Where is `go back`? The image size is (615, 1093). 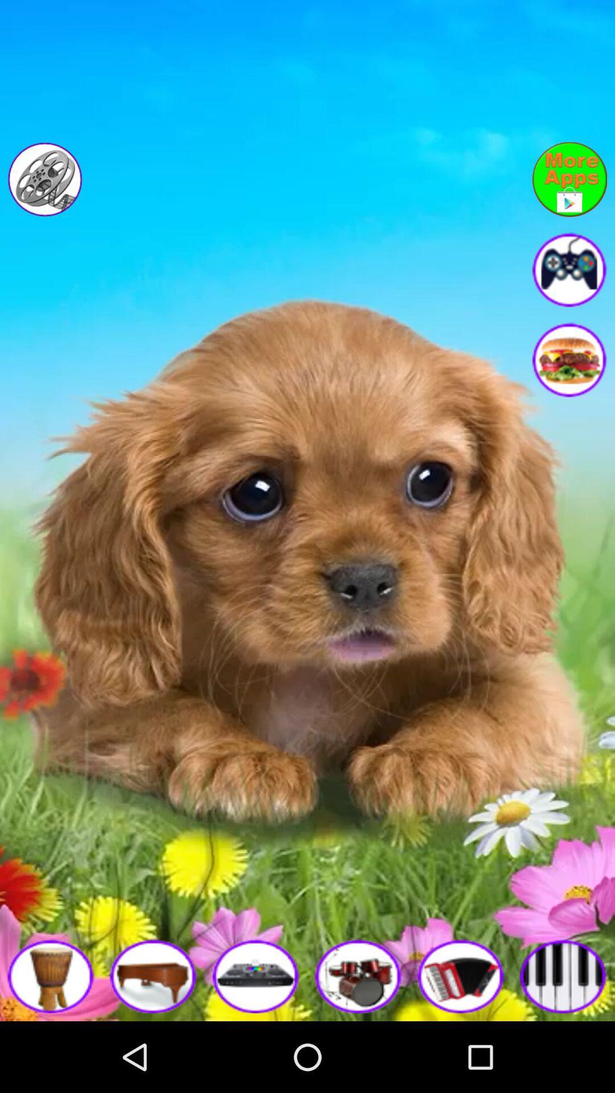 go back is located at coordinates (569, 179).